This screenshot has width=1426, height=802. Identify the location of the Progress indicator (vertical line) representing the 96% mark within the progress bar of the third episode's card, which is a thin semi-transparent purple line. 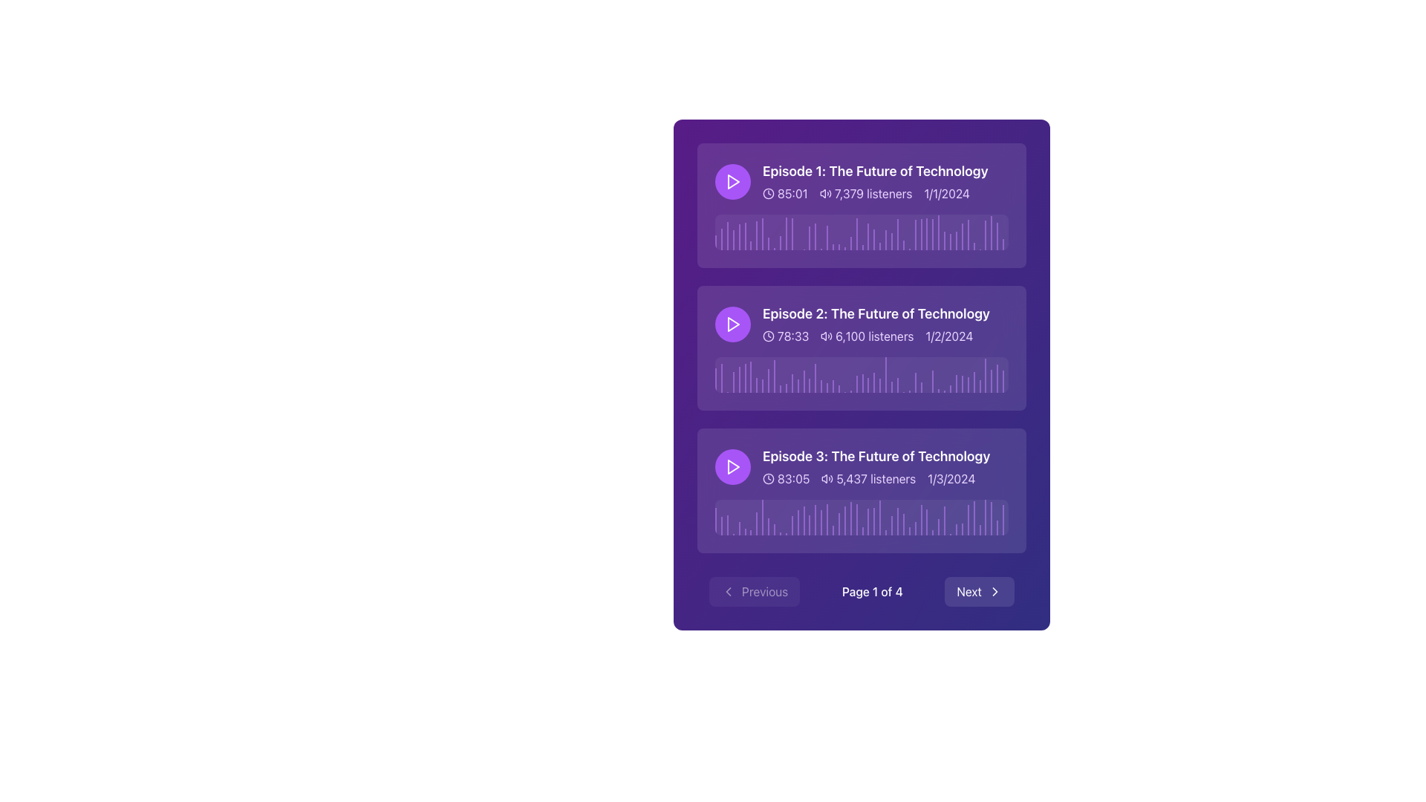
(997, 527).